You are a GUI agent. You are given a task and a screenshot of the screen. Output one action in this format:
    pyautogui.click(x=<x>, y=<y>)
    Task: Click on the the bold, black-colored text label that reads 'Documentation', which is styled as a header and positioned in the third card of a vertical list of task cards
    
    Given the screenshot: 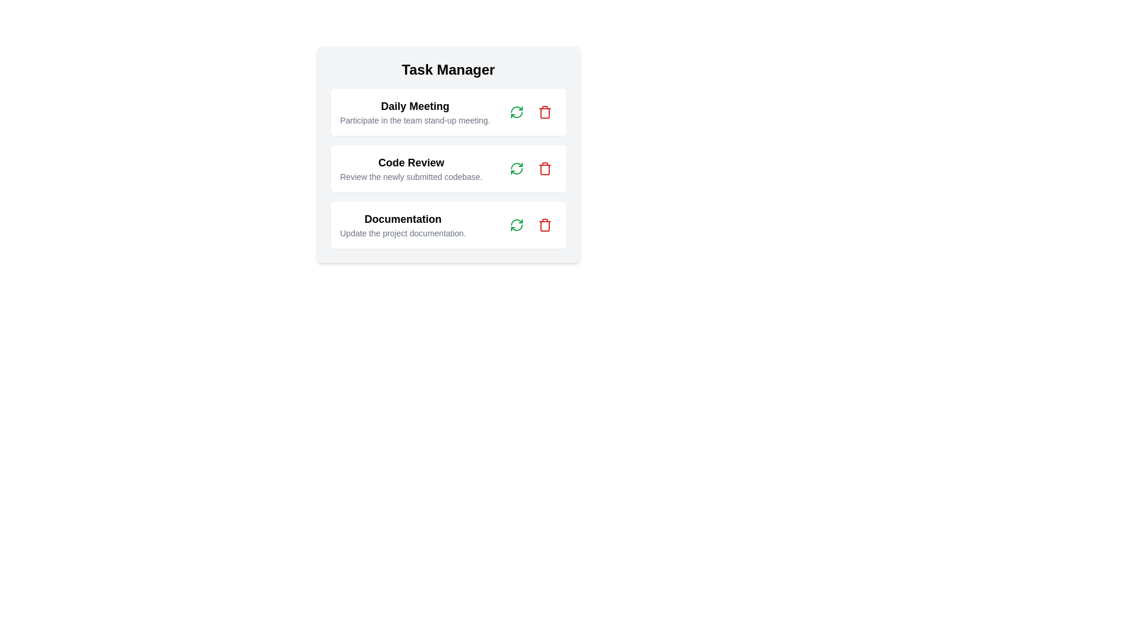 What is the action you would take?
    pyautogui.click(x=403, y=219)
    